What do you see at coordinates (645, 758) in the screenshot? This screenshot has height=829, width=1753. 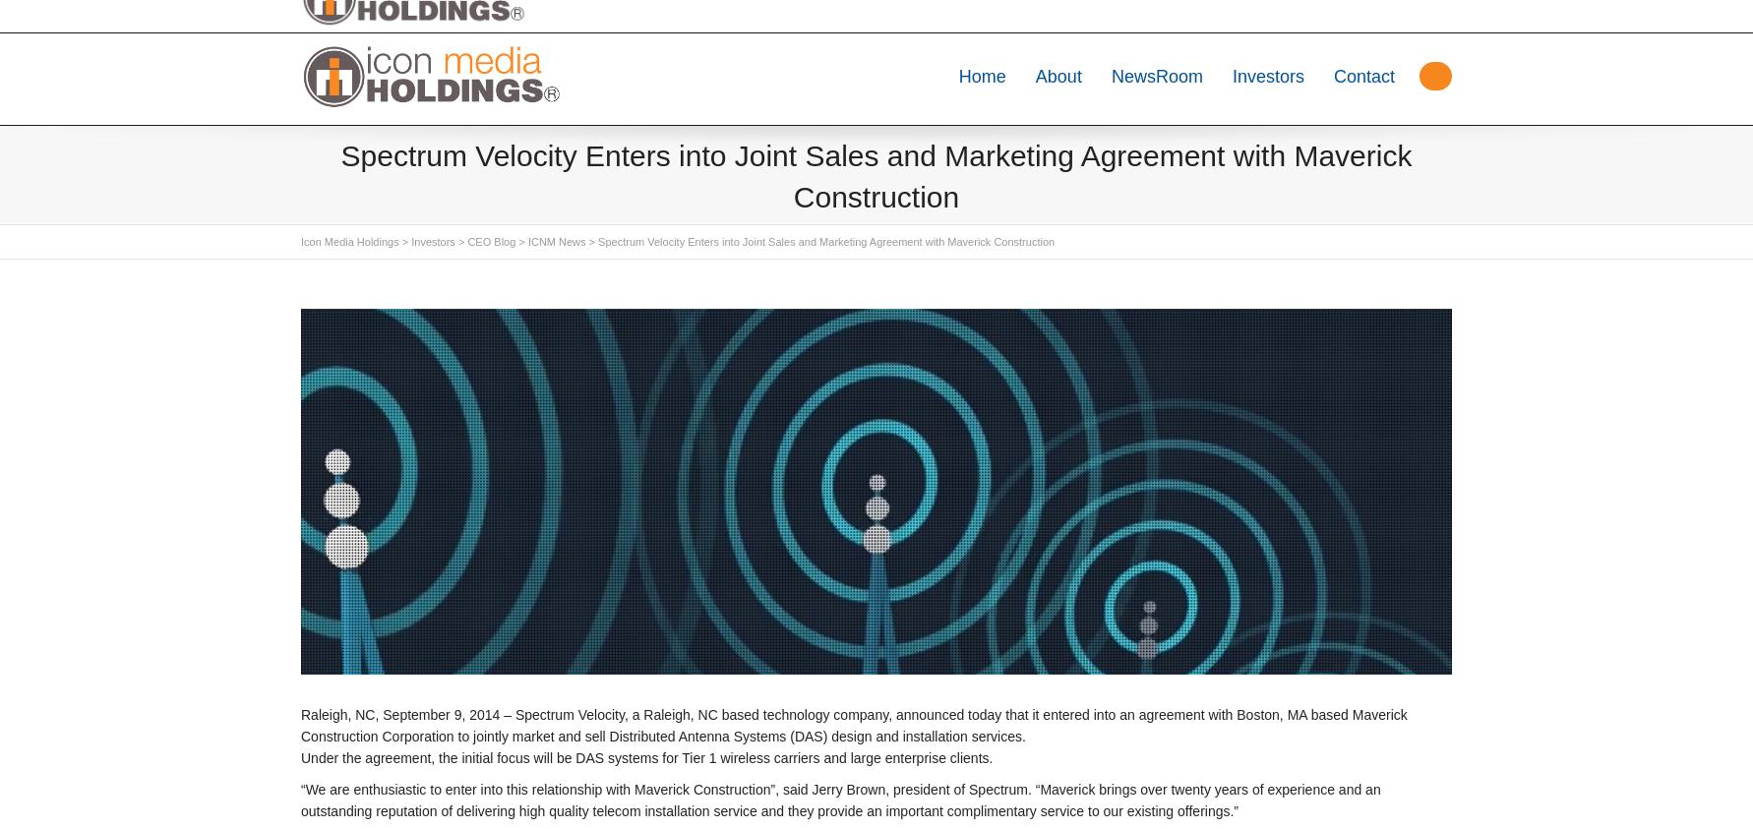 I see `'Under the agreement, the initial focus will be DAS systems for Tier 1 wireless carriers and large enterprise clients.'` at bounding box center [645, 758].